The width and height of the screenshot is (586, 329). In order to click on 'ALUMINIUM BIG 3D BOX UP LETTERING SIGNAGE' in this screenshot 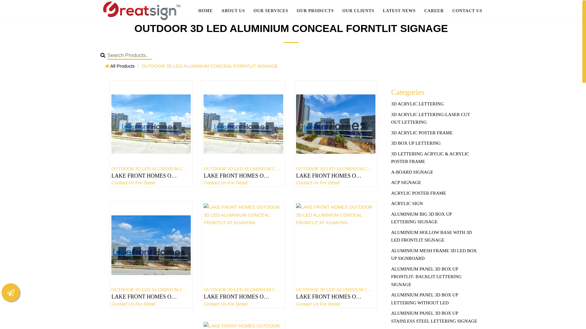, I will do `click(434, 218)`.